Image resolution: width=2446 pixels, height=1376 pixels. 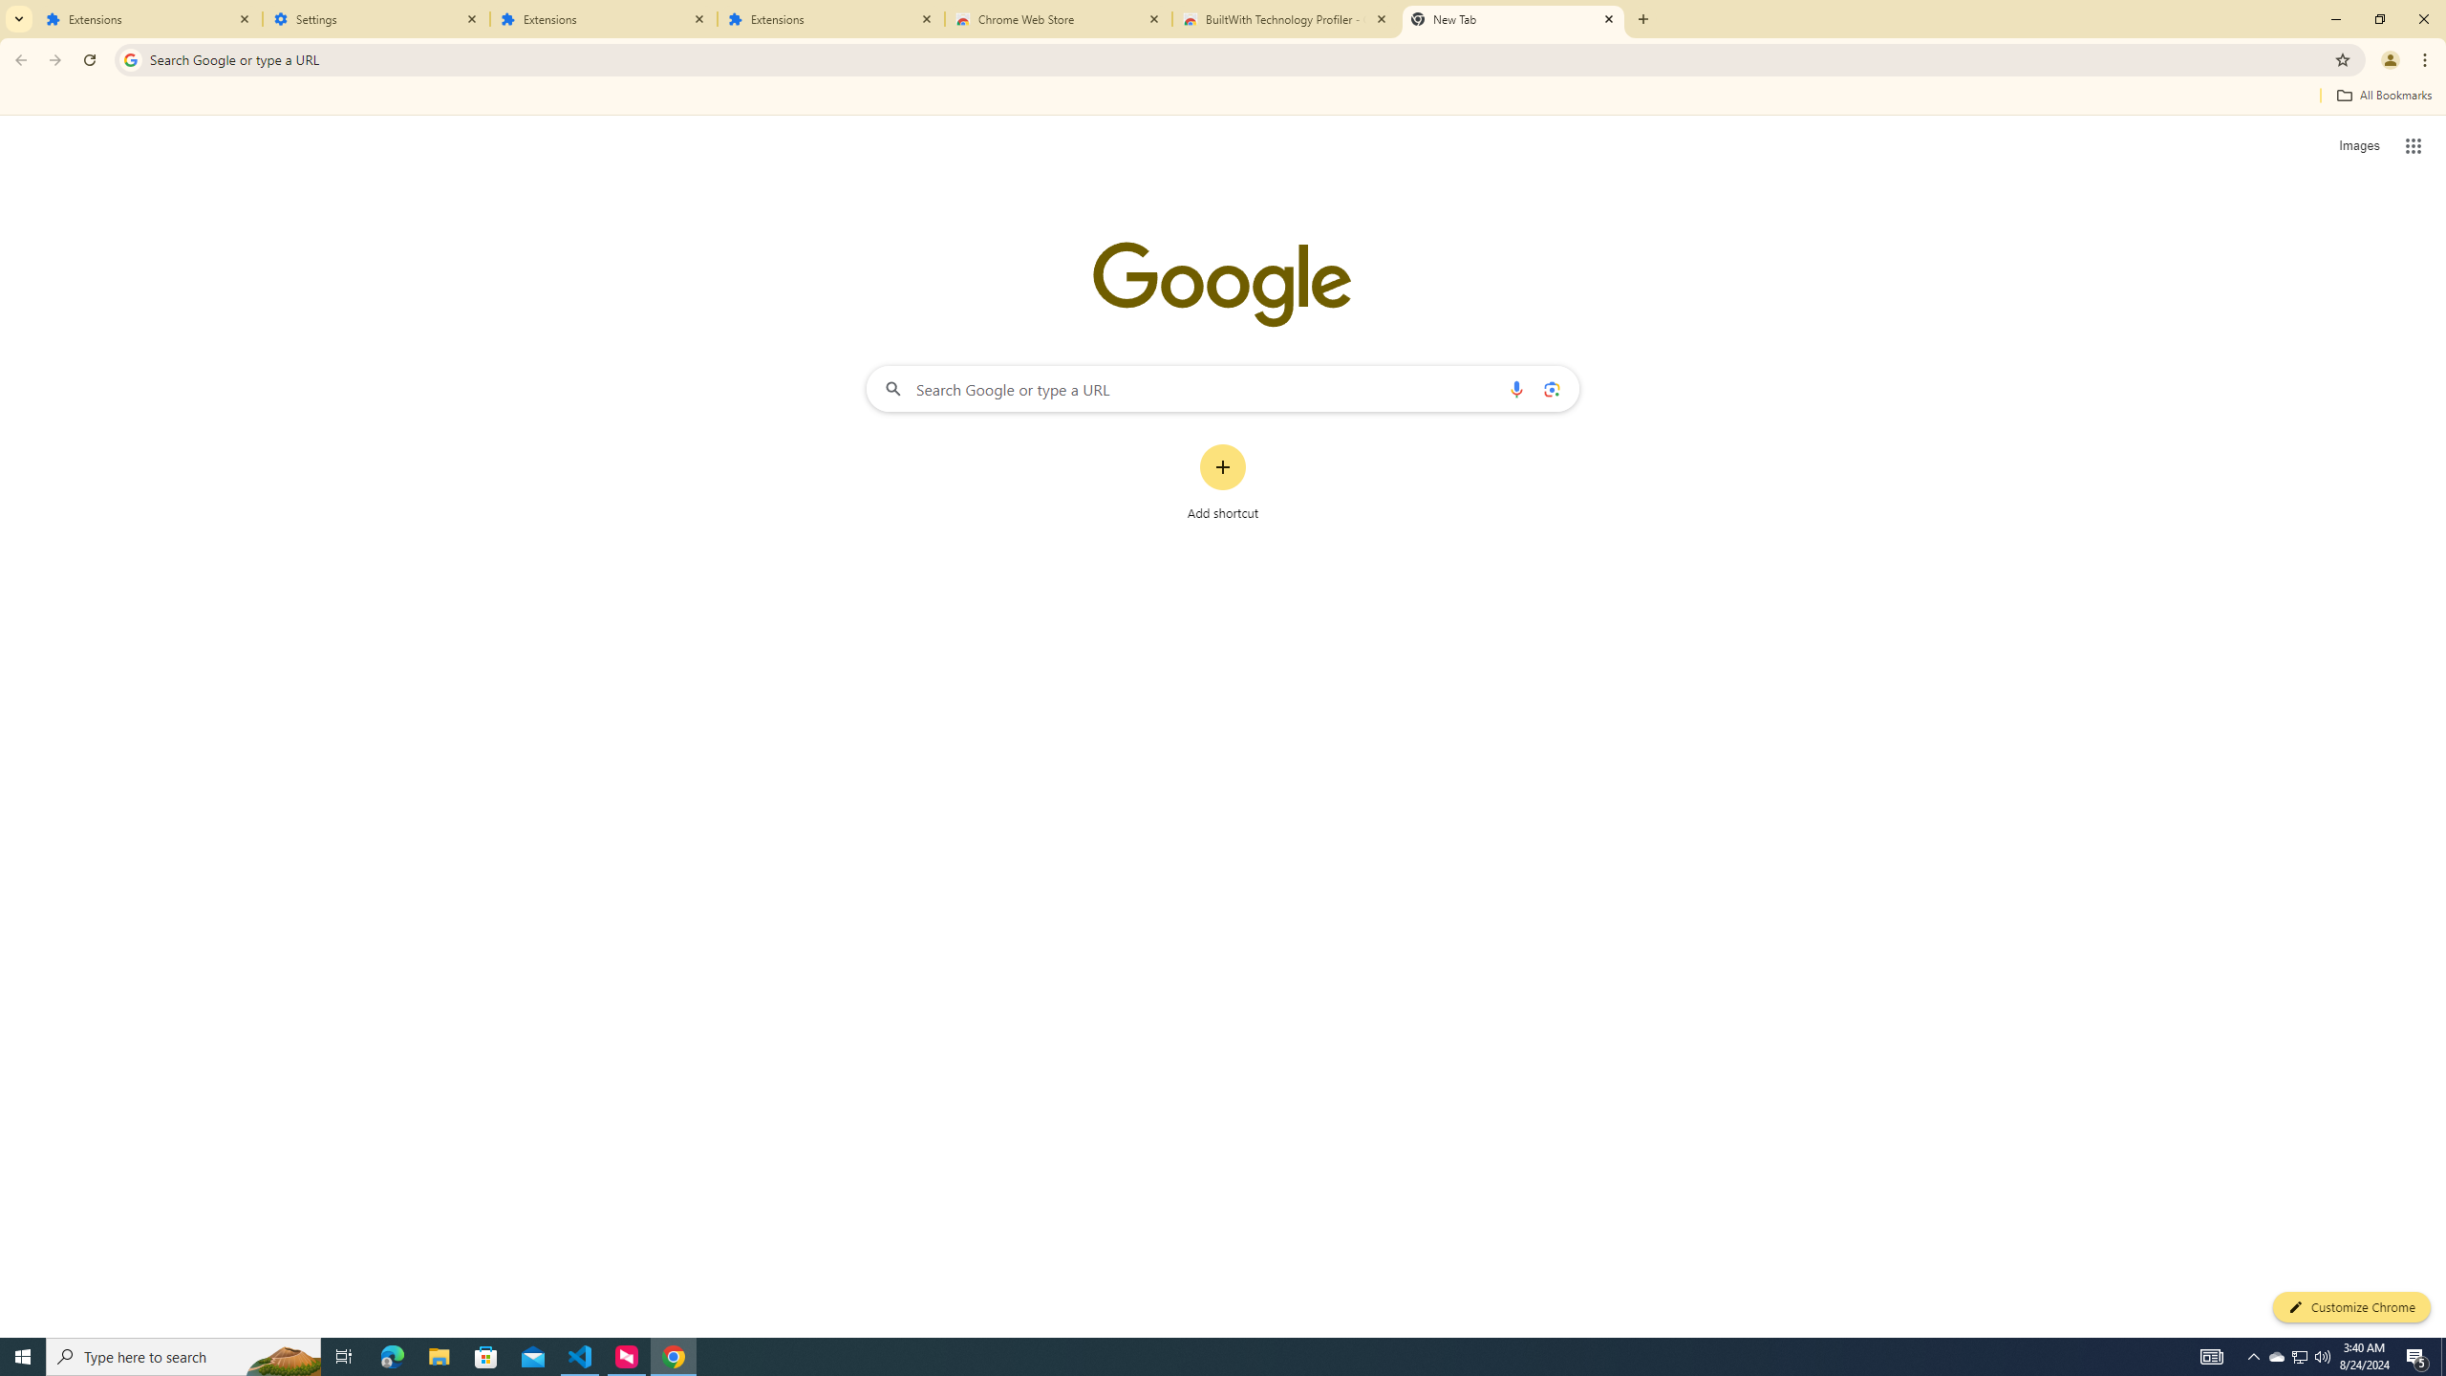 What do you see at coordinates (2351, 1306) in the screenshot?
I see `'Customize Chrome'` at bounding box center [2351, 1306].